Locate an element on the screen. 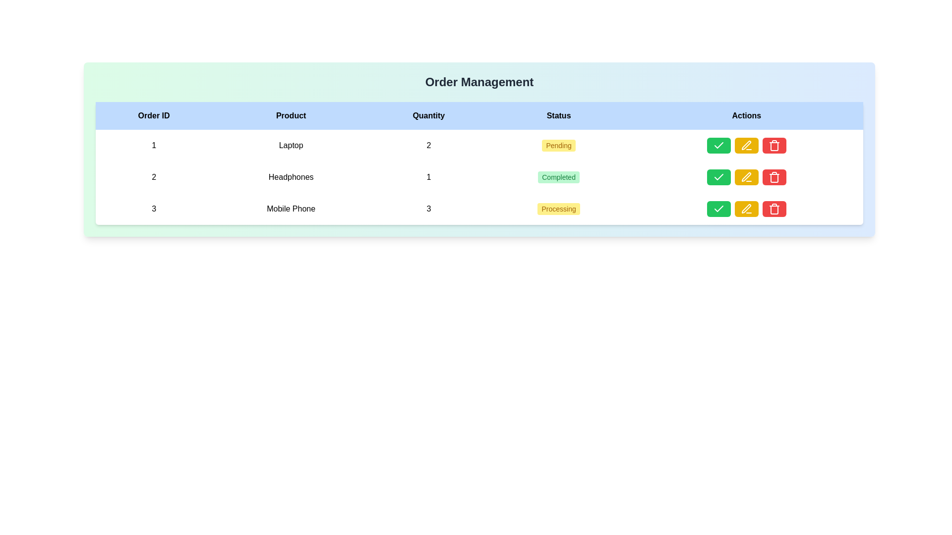 The height and width of the screenshot is (535, 952). the confirm button located in the second row of the table, which is the first button in the 'Actions' column, to mark the associated item as completed is located at coordinates (718, 177).